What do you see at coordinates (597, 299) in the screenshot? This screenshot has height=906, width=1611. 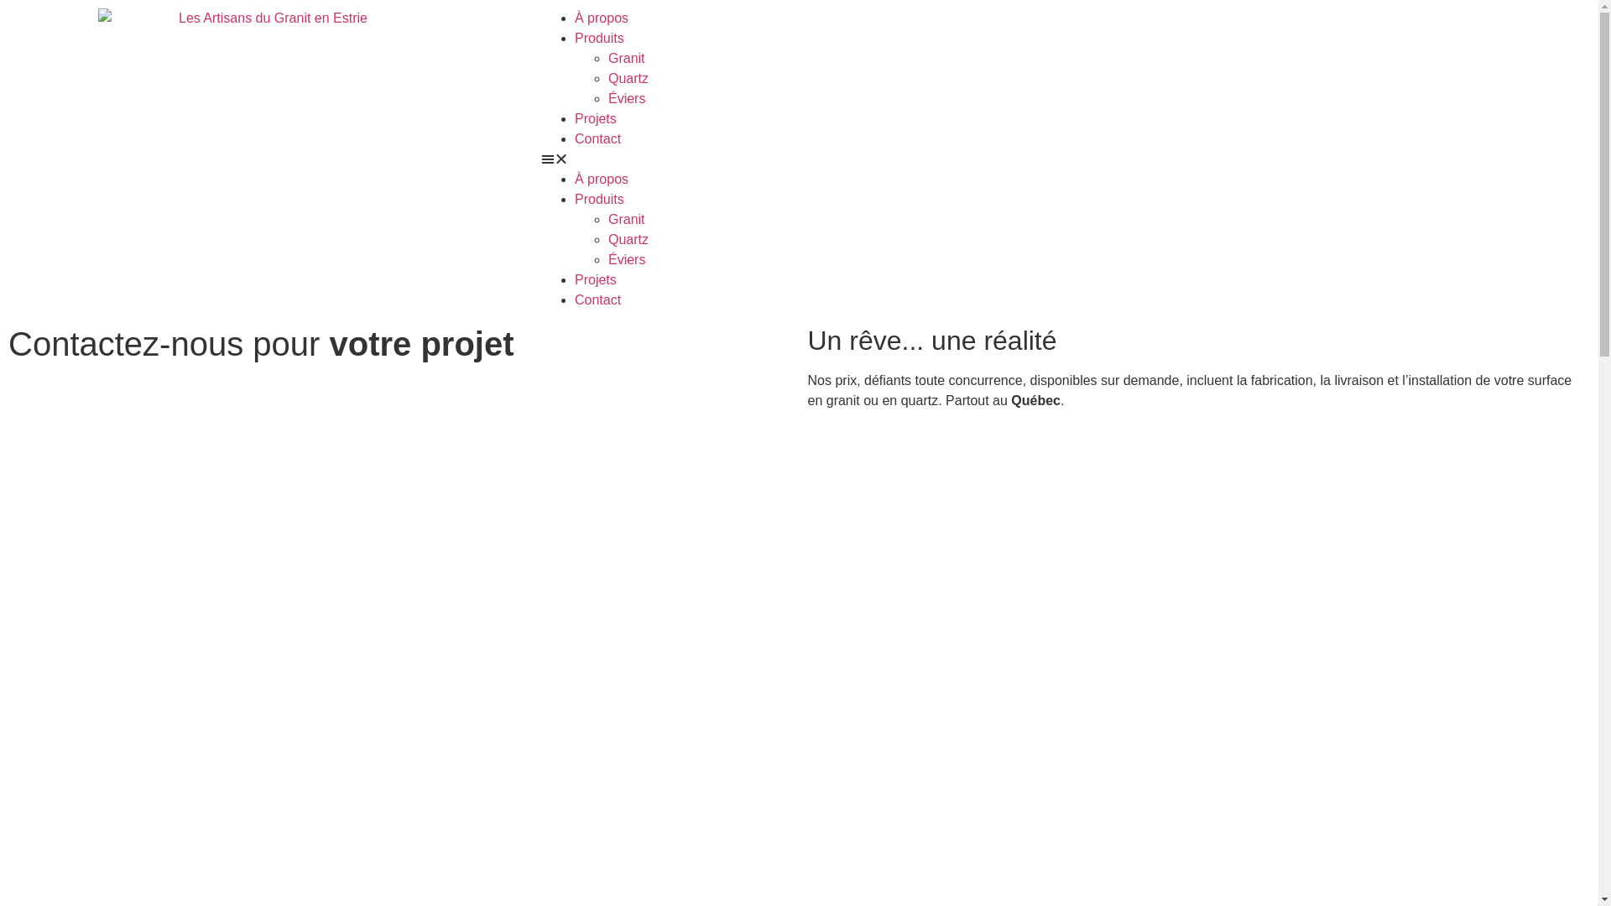 I see `'Contact'` at bounding box center [597, 299].